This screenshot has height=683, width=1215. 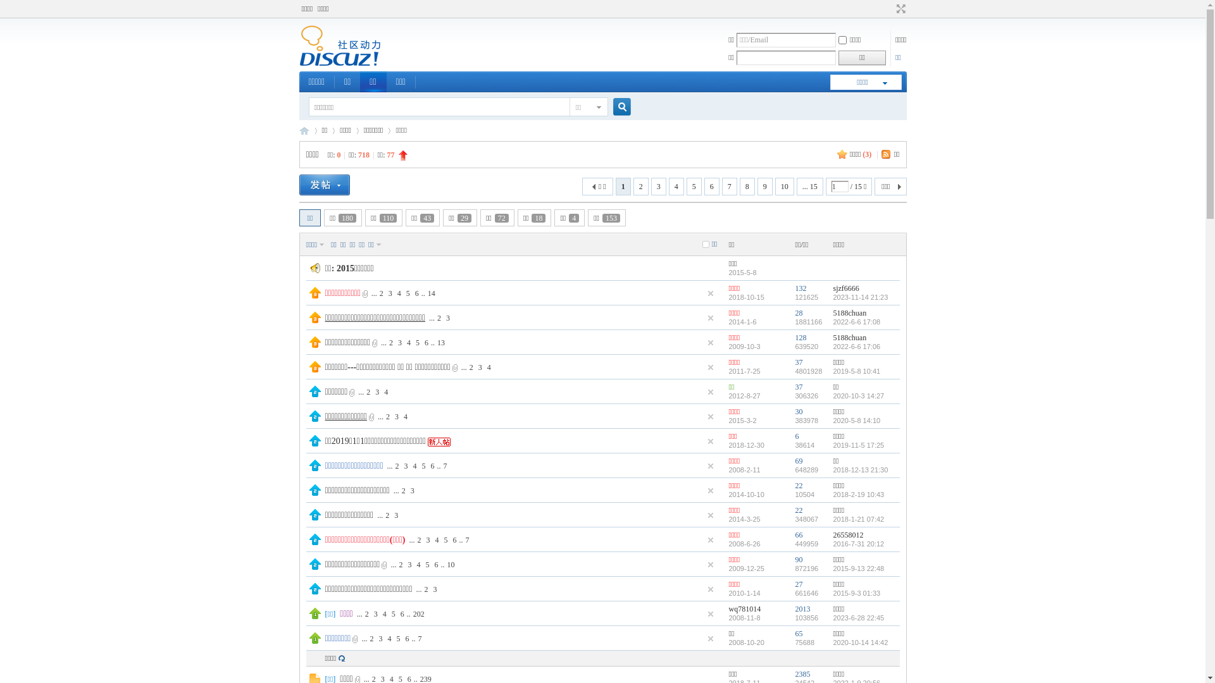 What do you see at coordinates (798, 534) in the screenshot?
I see `'66'` at bounding box center [798, 534].